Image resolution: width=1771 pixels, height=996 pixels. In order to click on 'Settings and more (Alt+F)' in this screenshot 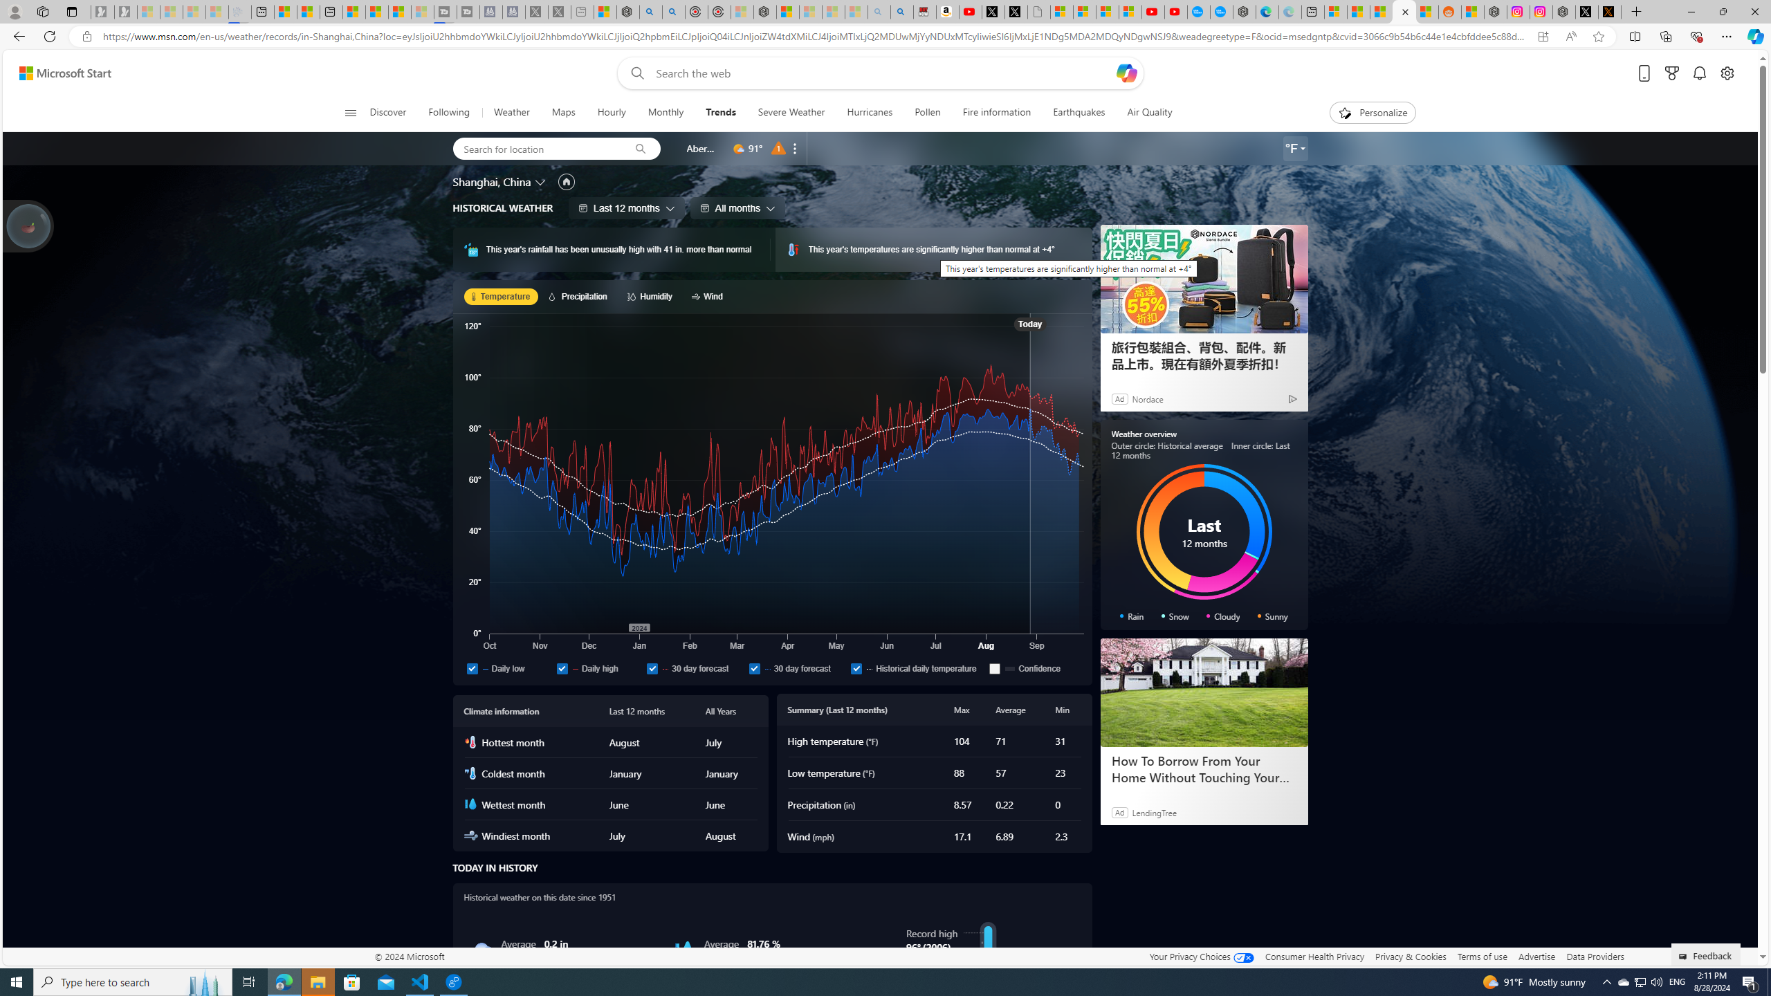, I will do `click(1726, 35)`.